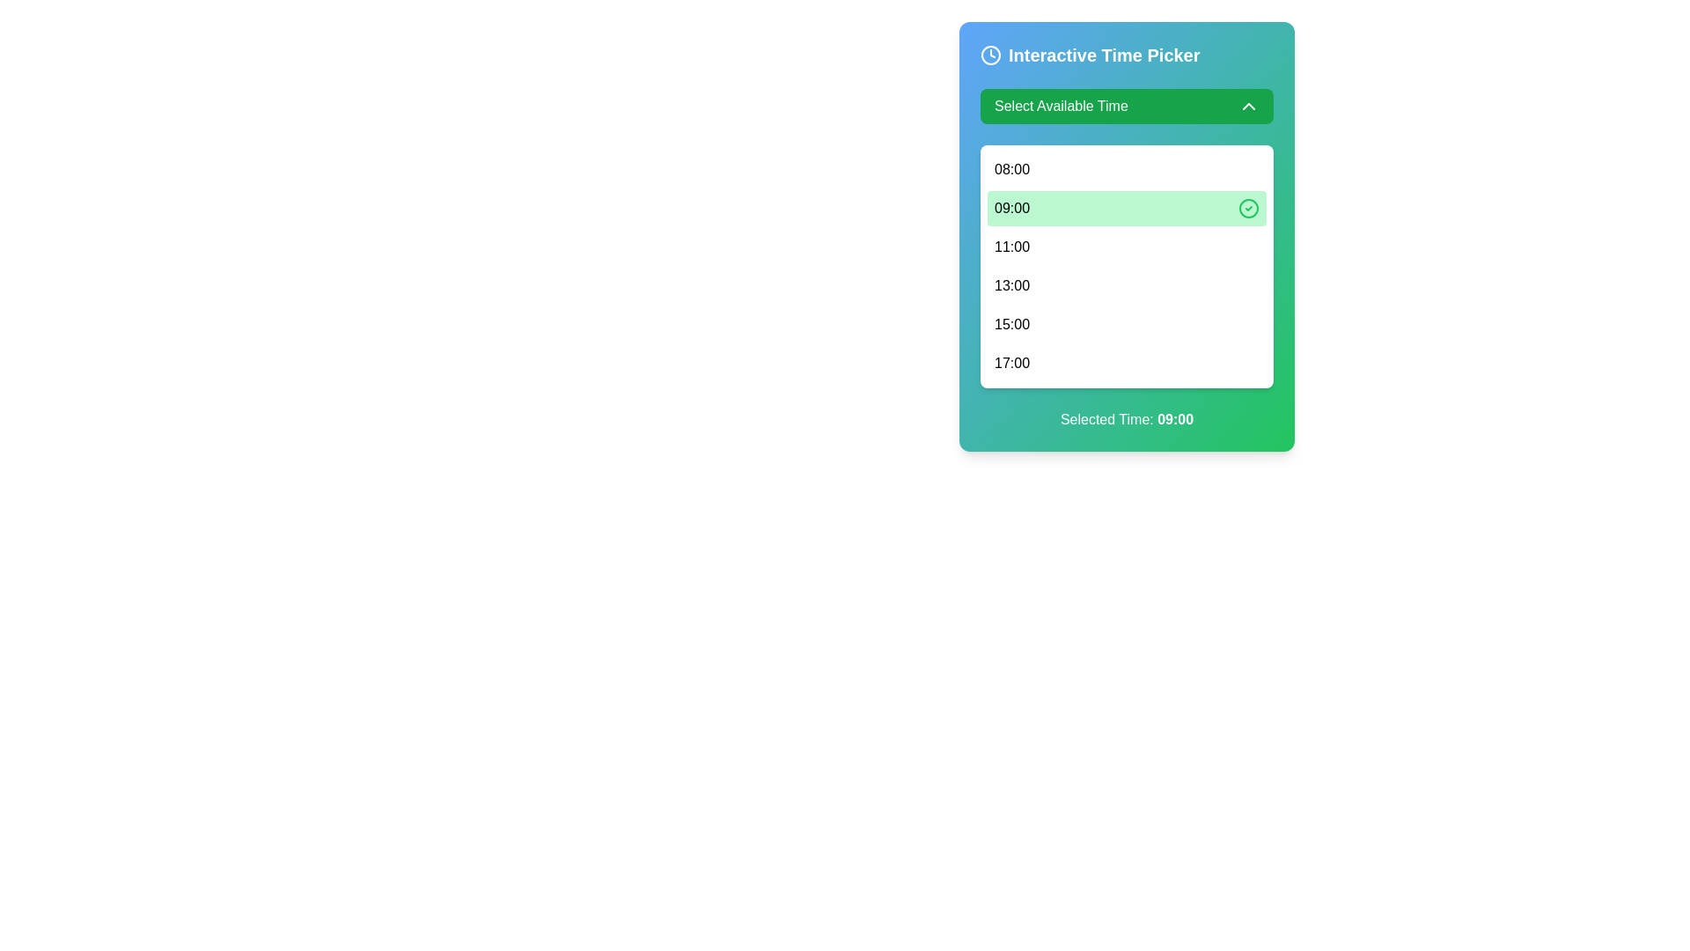 This screenshot has width=1690, height=951. Describe the element at coordinates (991, 54) in the screenshot. I see `the Decorative SVG component that represents the outer boundary of the clock symbol in the time picker widget located at the top left of the widget` at that location.